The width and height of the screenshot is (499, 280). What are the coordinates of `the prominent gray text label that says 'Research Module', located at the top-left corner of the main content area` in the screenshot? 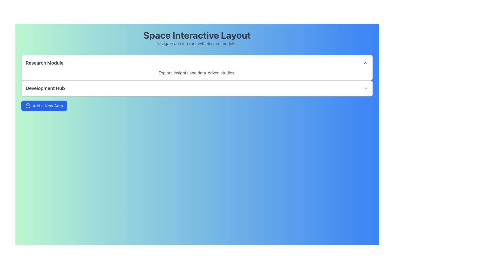 It's located at (44, 63).